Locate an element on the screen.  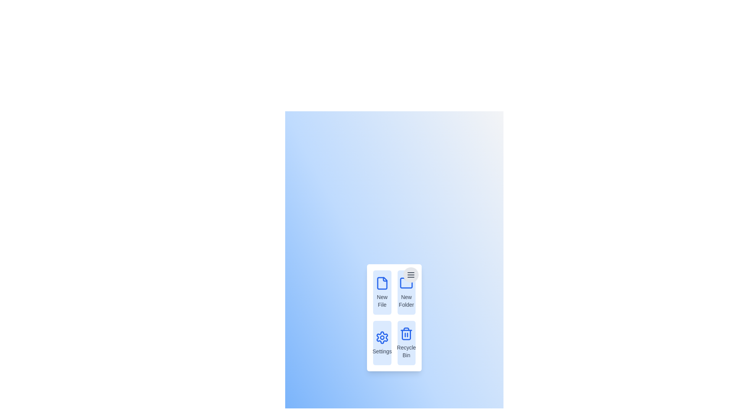
the menu item Recycle Bin to observe its hover effect is located at coordinates (406, 343).